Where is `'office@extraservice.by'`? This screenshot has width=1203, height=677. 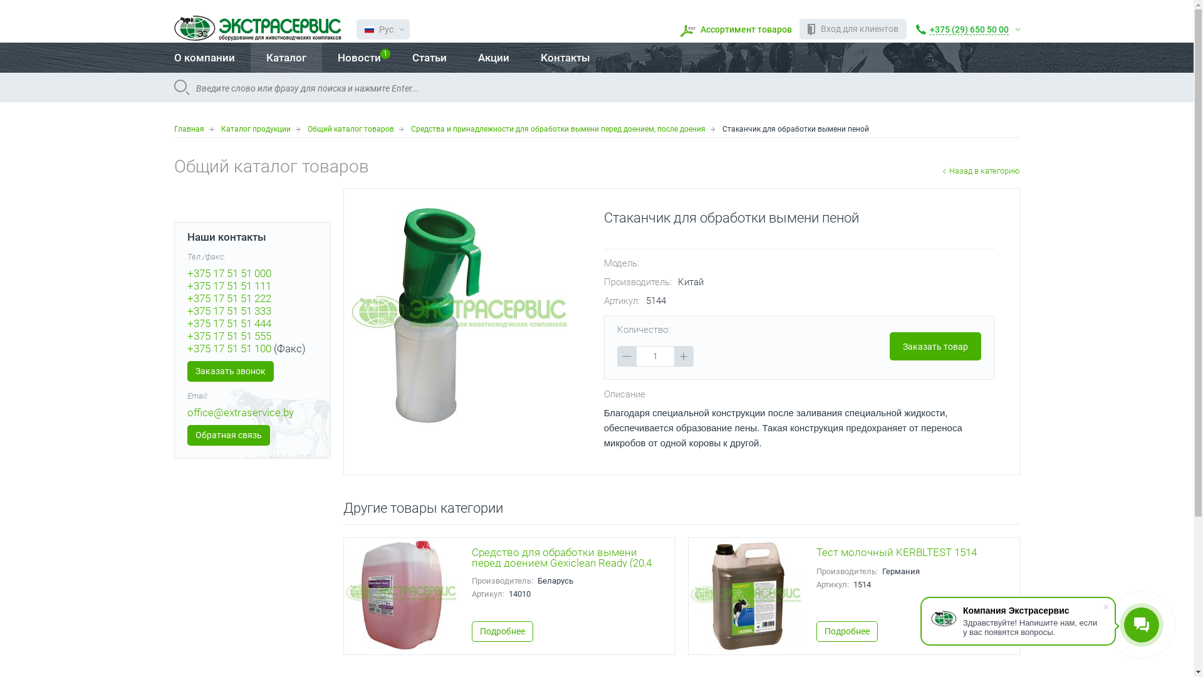 'office@extraservice.by' is located at coordinates (240, 412).